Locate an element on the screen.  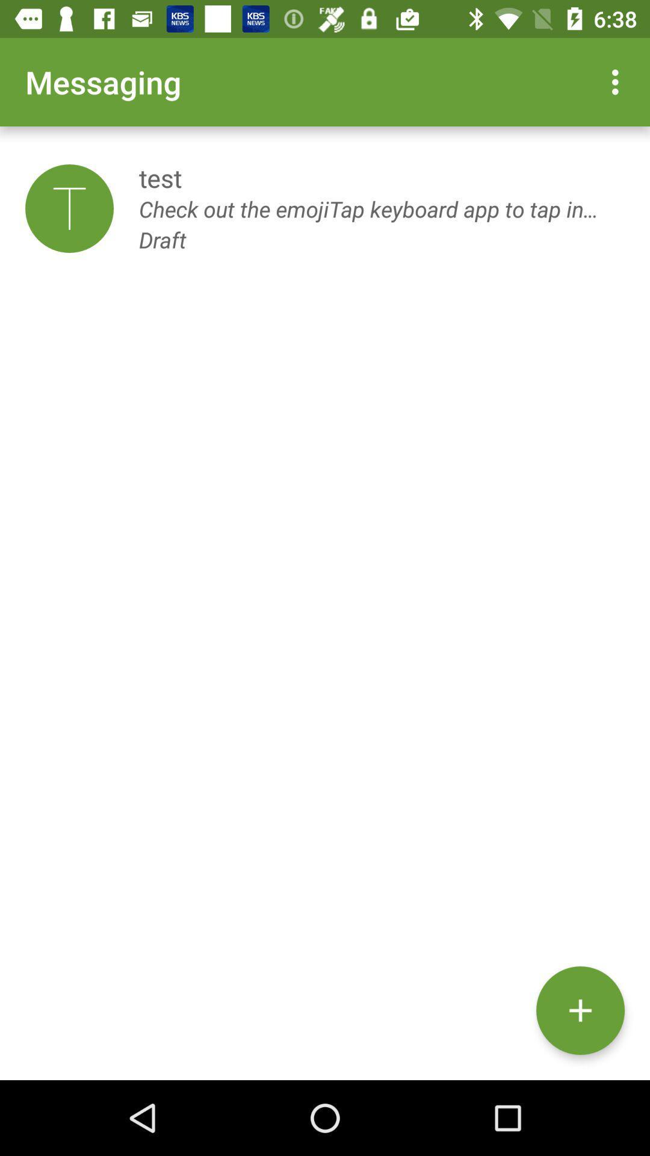
item at the top right corner is located at coordinates (618, 81).